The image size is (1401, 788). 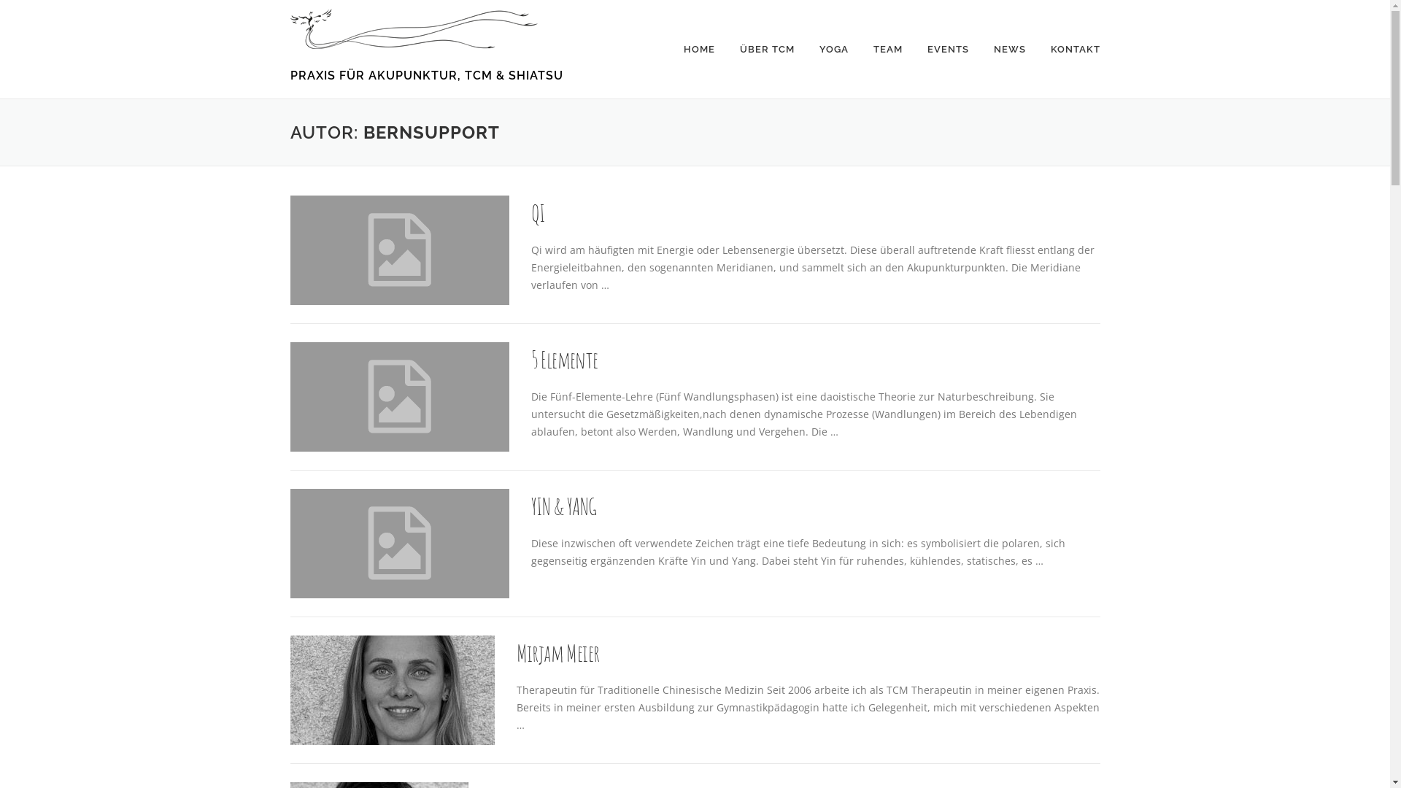 What do you see at coordinates (833, 48) in the screenshot?
I see `'YOGA'` at bounding box center [833, 48].